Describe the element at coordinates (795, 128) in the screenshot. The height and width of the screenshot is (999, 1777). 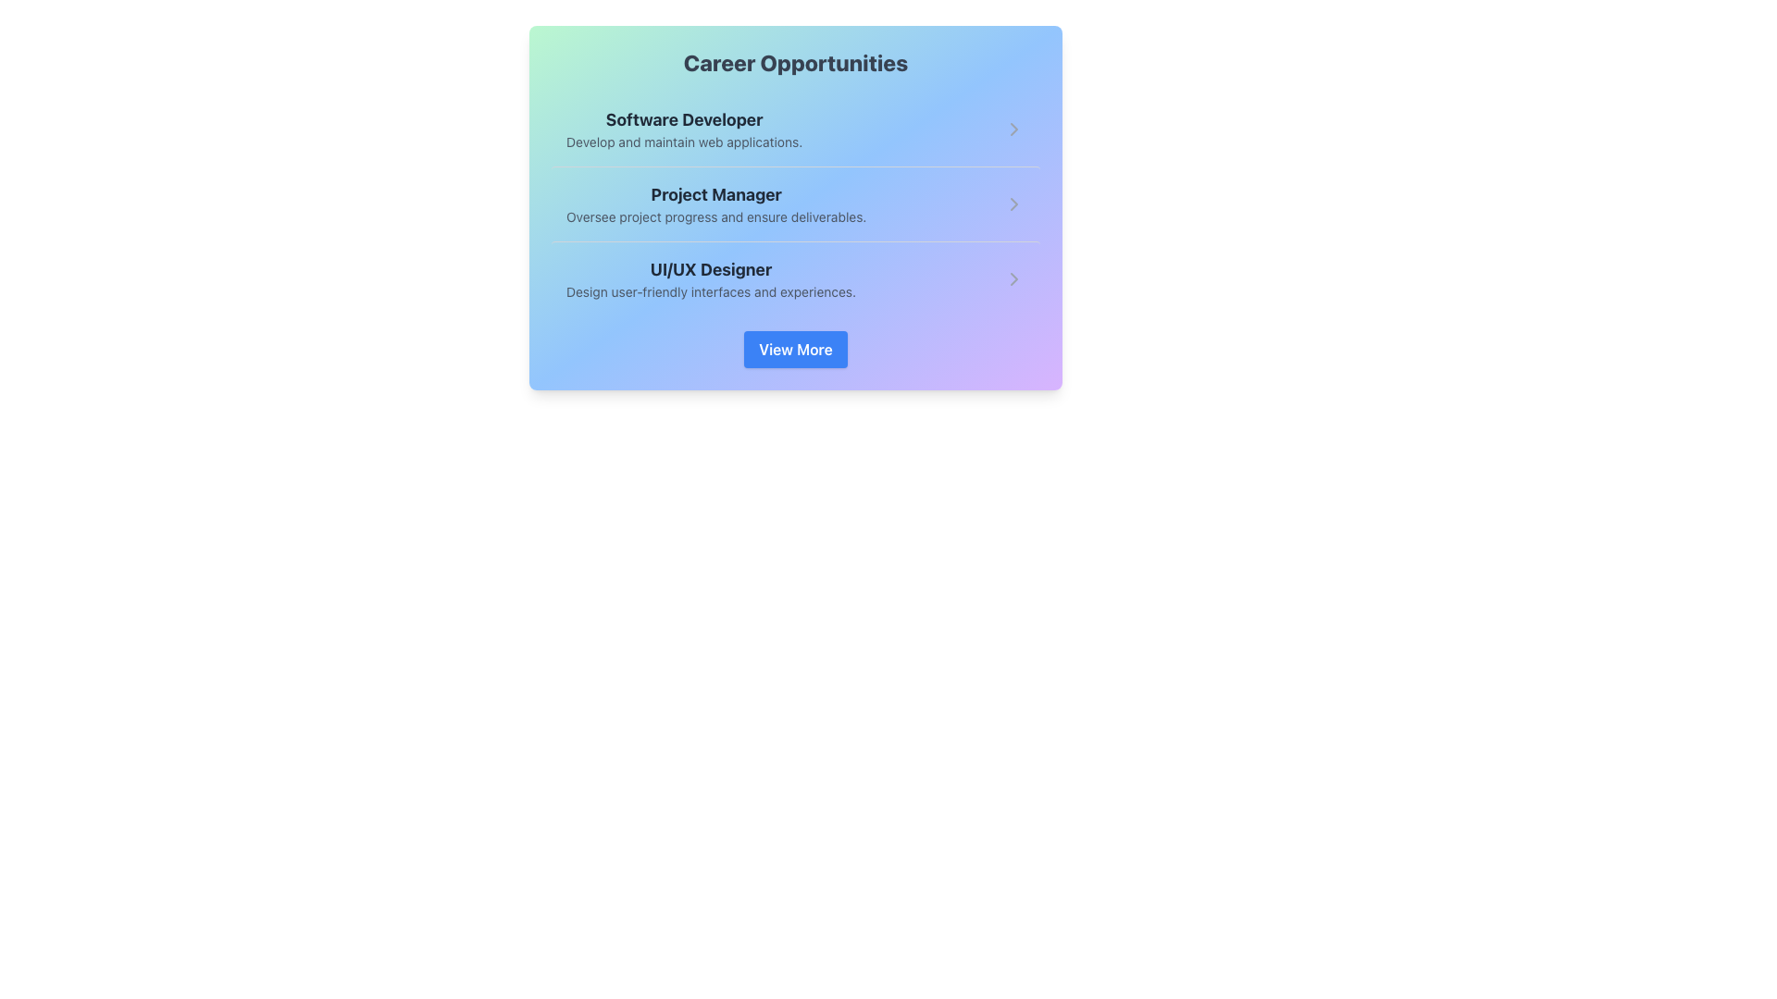
I see `the first selectable option button in the vertical list that leads to detailed information about the 'Software Developer' role` at that location.